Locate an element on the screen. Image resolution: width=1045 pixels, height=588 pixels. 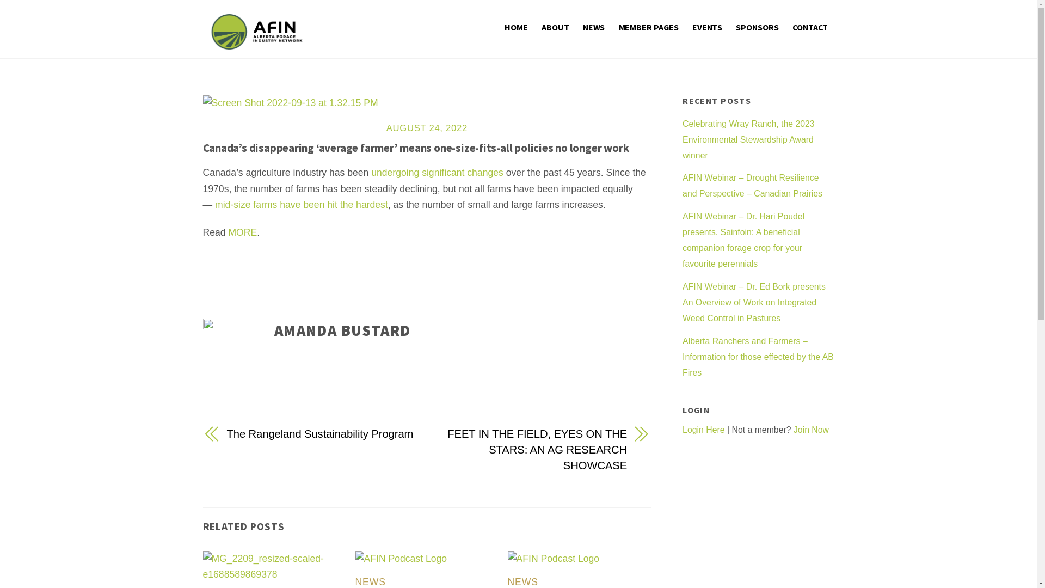
'ABOUT' is located at coordinates (555, 26).